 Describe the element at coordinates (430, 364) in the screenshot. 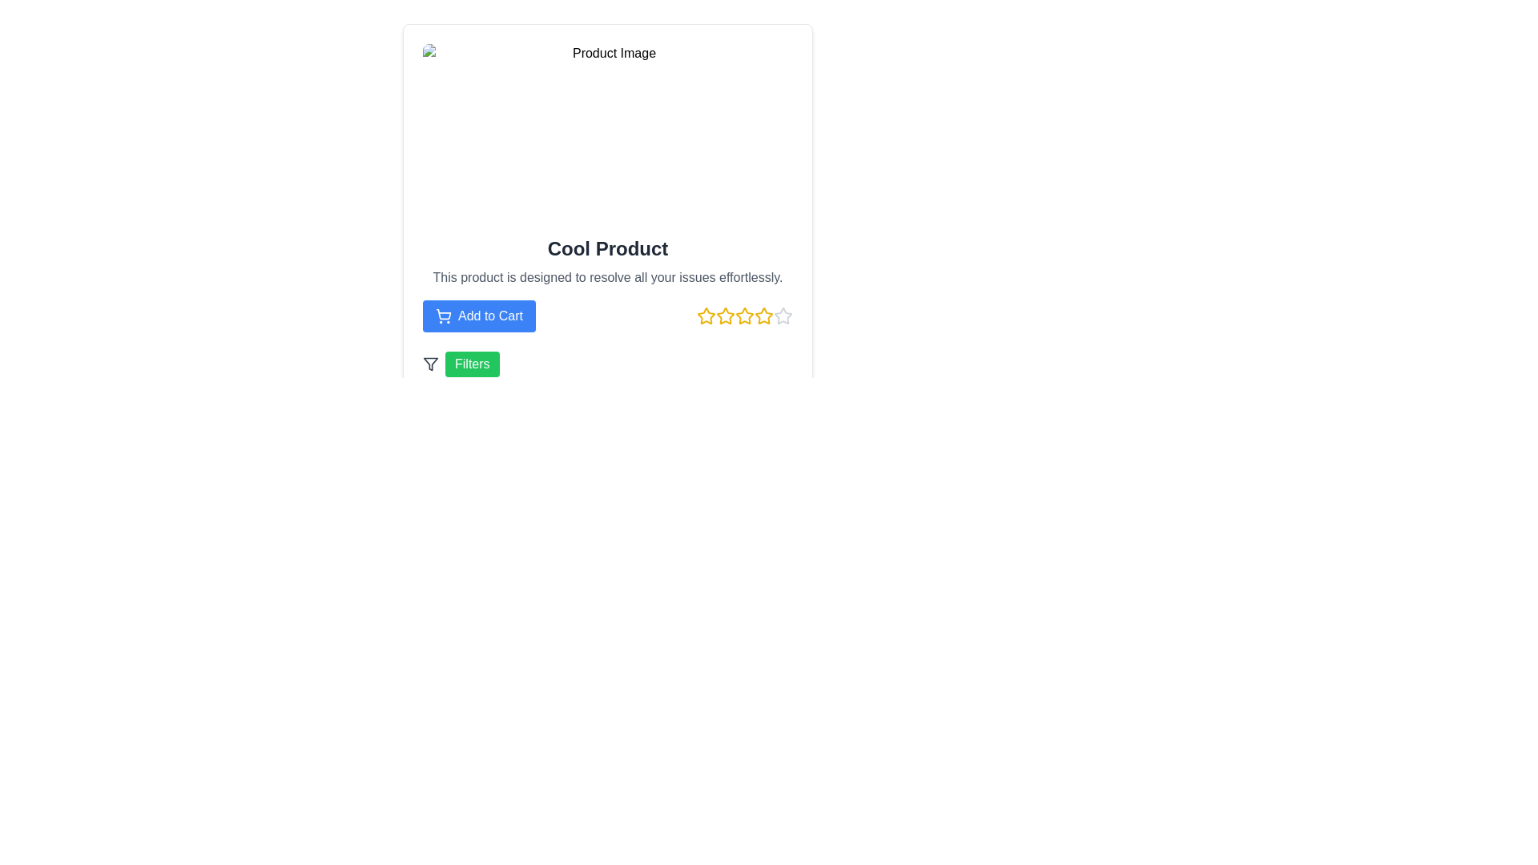

I see `the filter icon located in the bottom-left region of the interface, adjacent to the 'Filters' button, to indicate filtering options` at that location.